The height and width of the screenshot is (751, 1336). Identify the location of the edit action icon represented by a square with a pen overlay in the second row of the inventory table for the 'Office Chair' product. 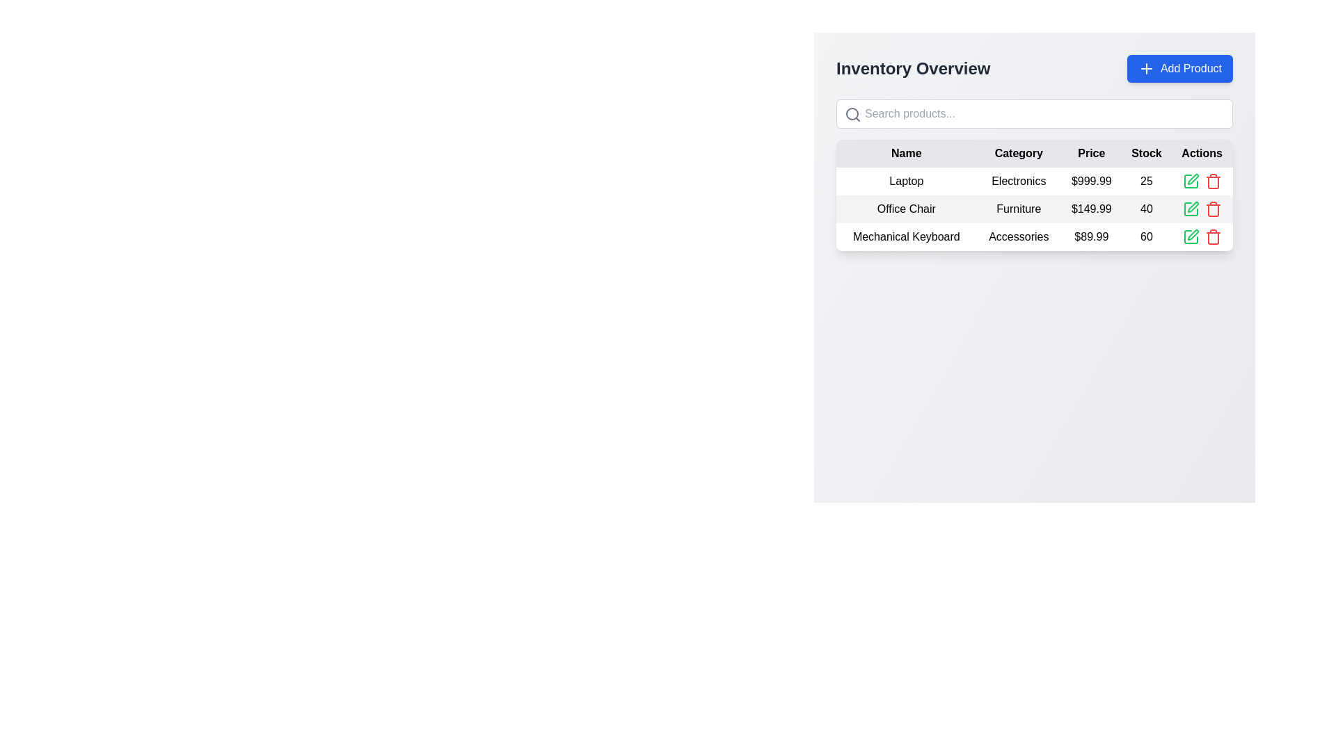
(1190, 209).